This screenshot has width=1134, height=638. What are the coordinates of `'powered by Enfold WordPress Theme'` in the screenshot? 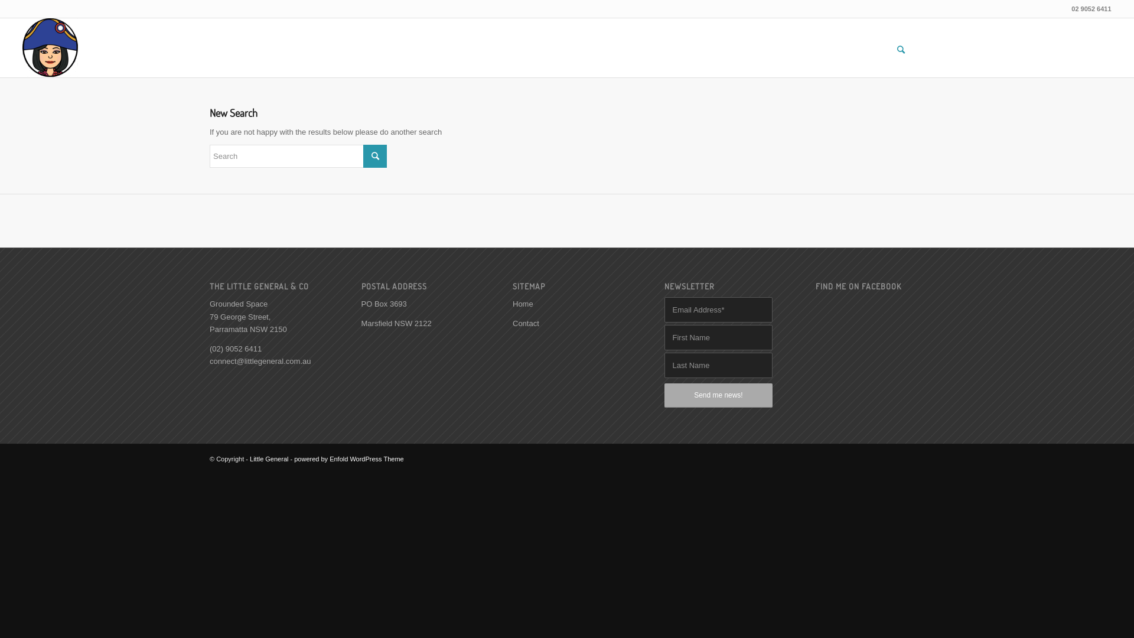 It's located at (294, 458).